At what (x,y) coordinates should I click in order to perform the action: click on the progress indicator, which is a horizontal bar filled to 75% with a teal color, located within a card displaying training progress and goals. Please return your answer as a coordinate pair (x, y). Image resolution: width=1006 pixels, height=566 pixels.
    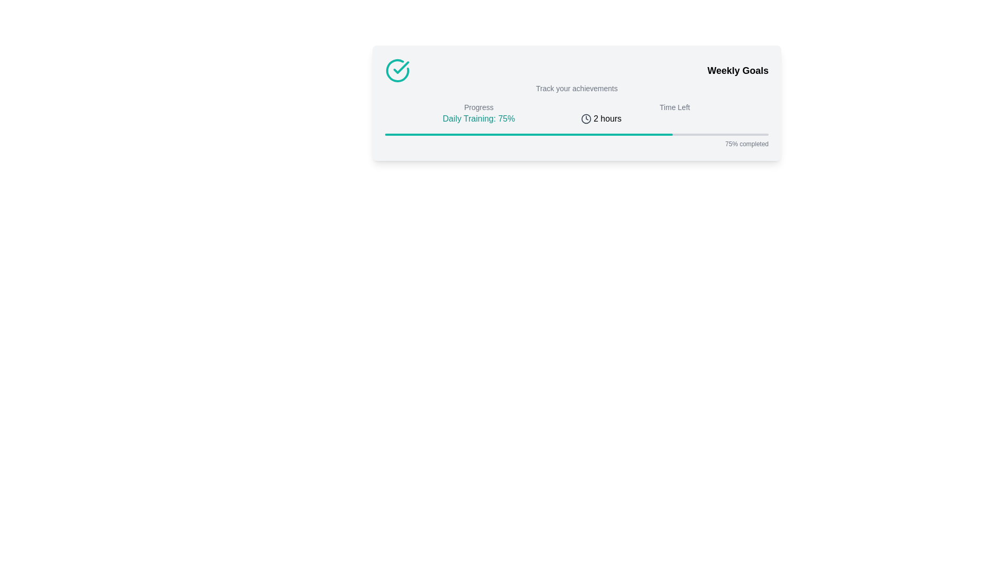
    Looking at the image, I should click on (529, 134).